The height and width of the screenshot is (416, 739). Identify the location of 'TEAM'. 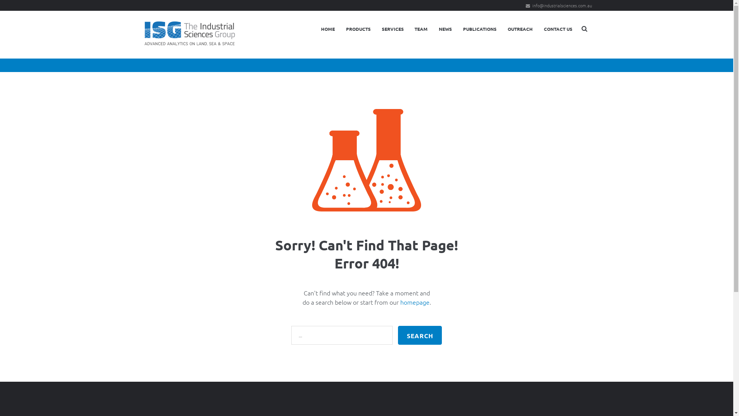
(421, 29).